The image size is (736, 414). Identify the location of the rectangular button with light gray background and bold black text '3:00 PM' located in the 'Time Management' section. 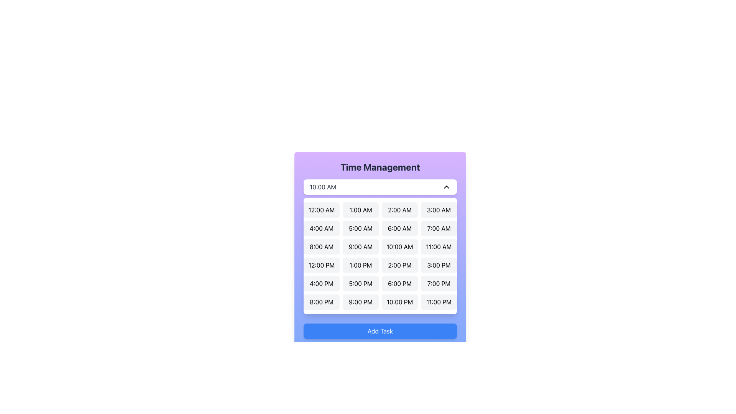
(439, 264).